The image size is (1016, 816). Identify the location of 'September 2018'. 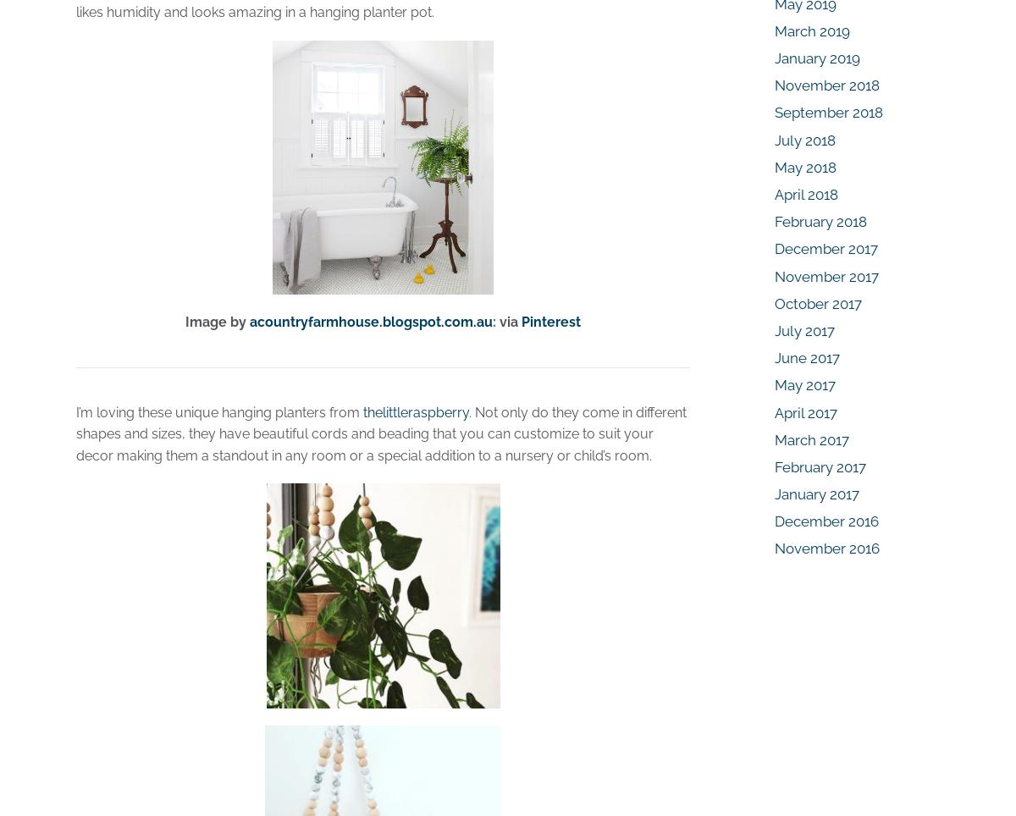
(828, 113).